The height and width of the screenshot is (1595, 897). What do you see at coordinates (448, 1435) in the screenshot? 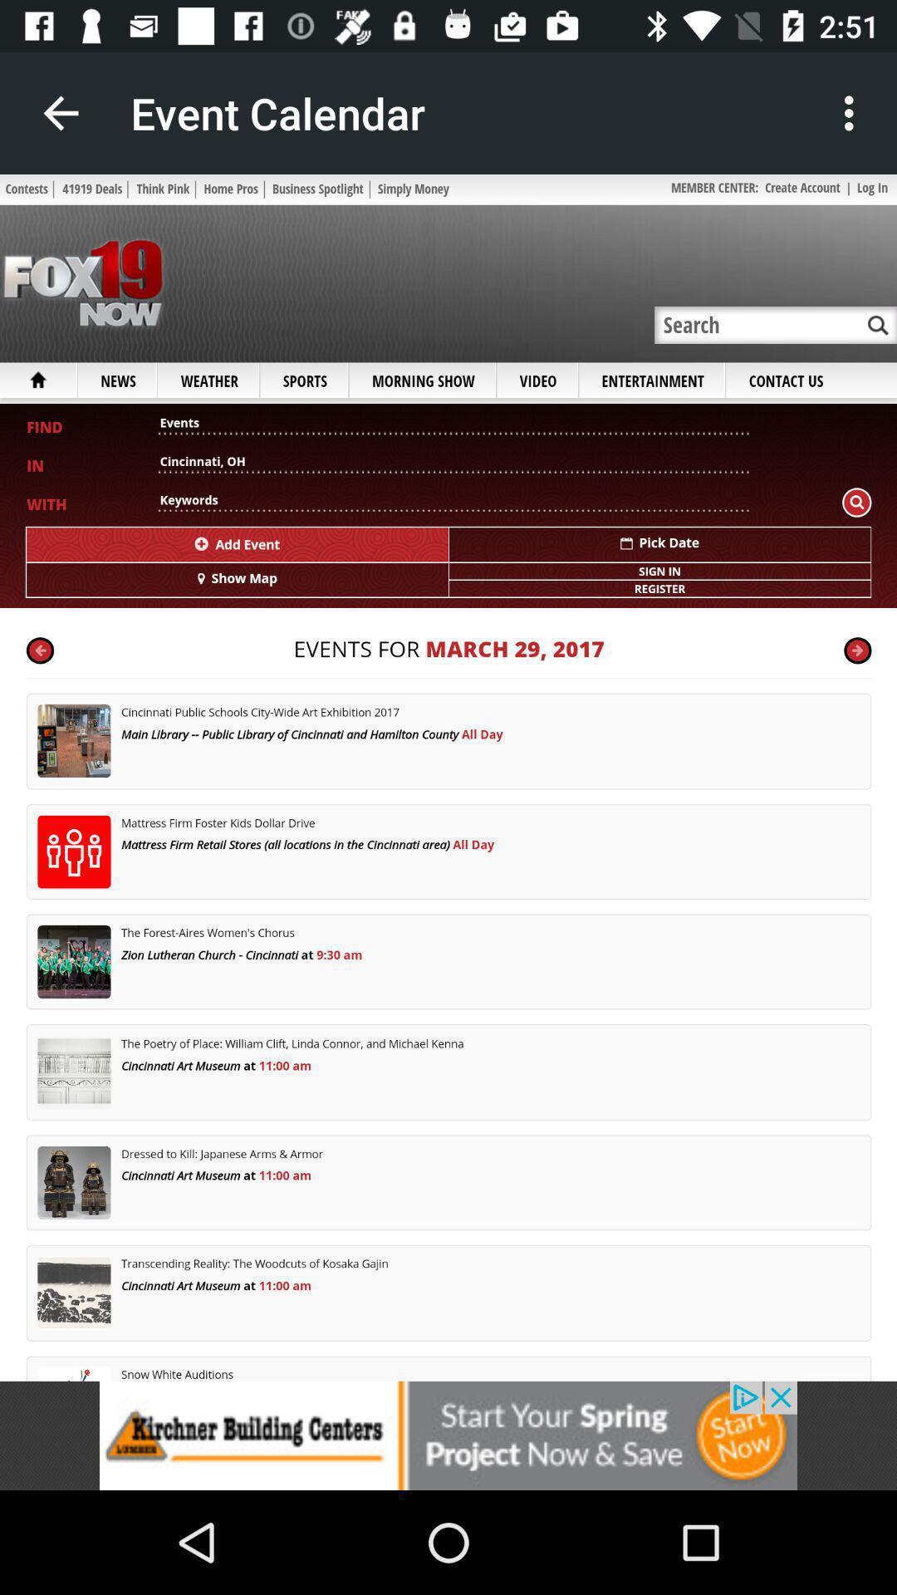
I see `advertisement image` at bounding box center [448, 1435].